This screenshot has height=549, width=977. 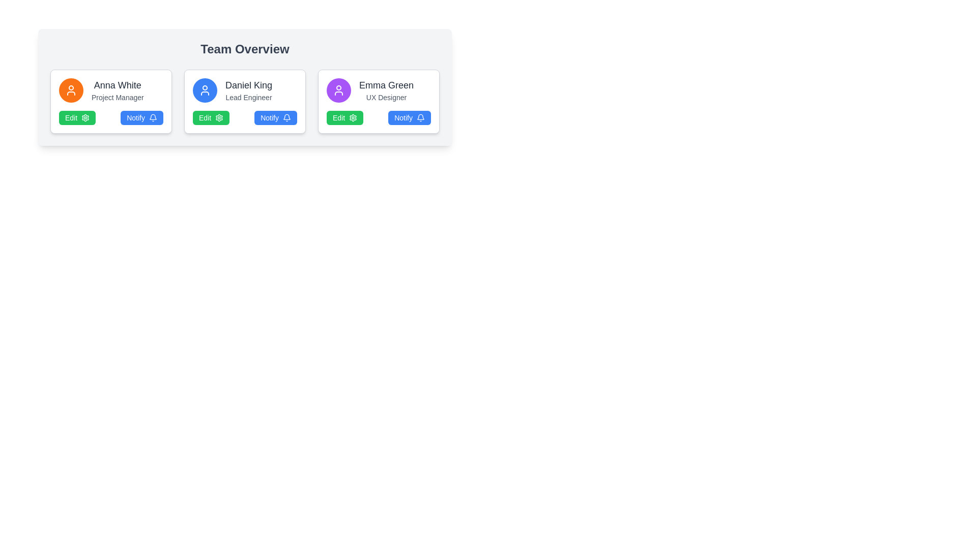 I want to click on the gear icon within the 'Edit' button of the 'Daniel King' card, so click(x=219, y=117).